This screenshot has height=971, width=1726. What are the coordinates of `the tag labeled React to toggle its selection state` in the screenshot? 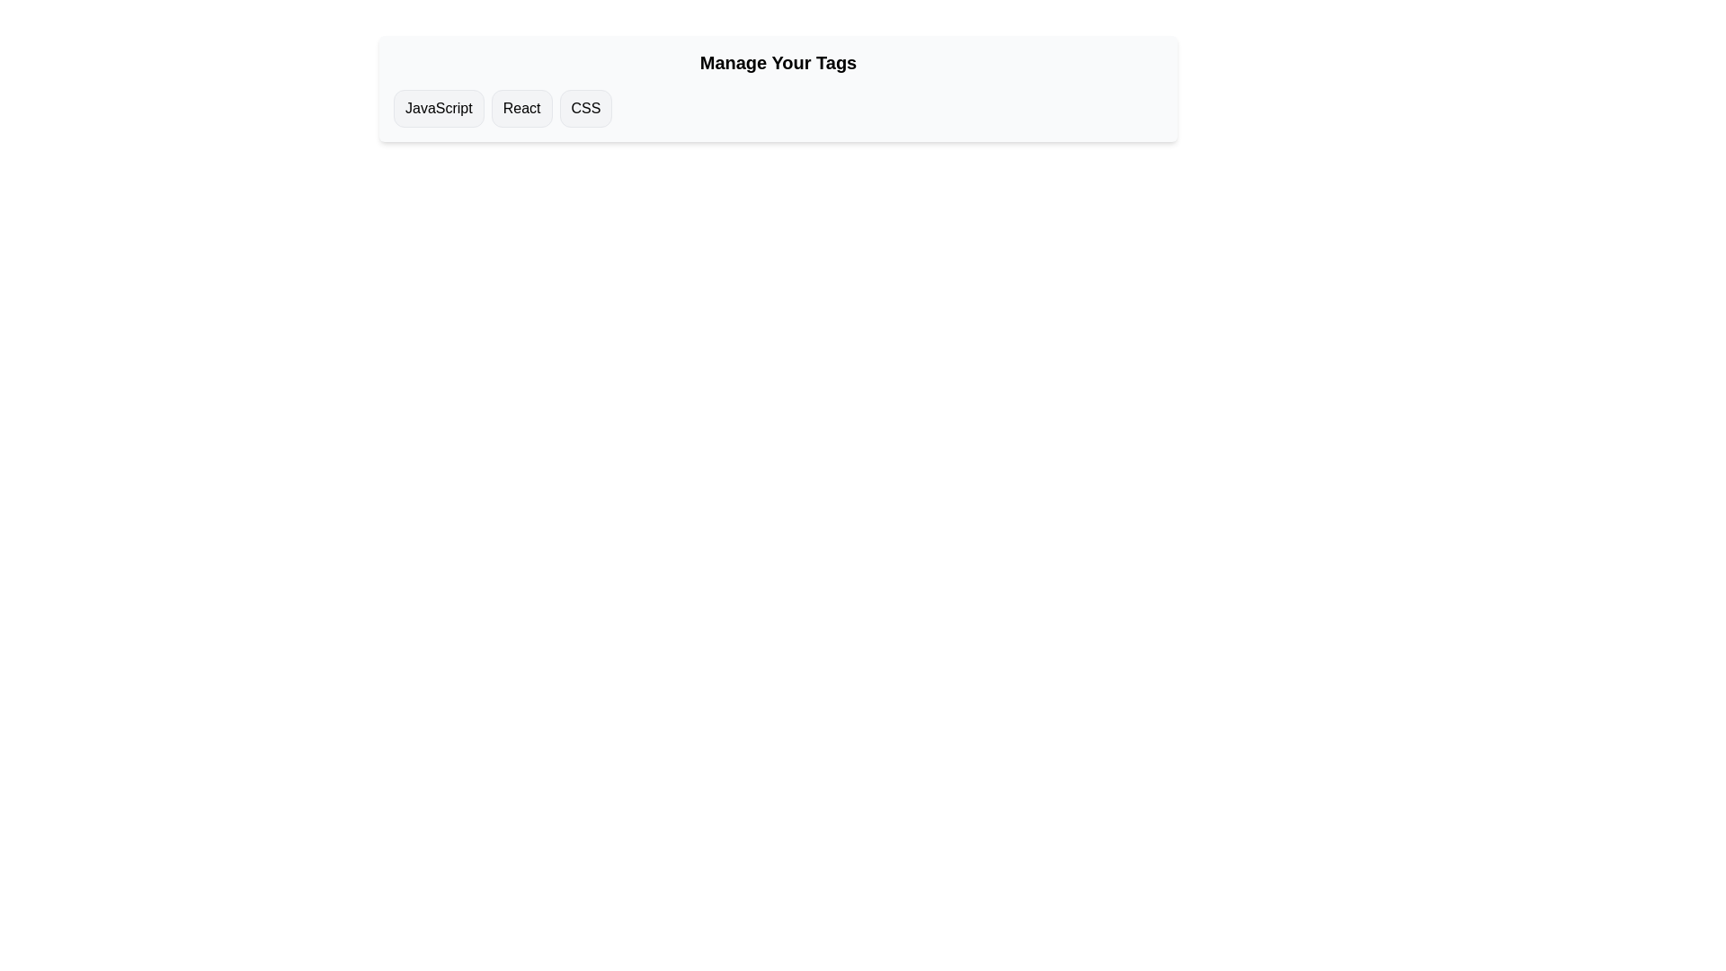 It's located at (520, 108).